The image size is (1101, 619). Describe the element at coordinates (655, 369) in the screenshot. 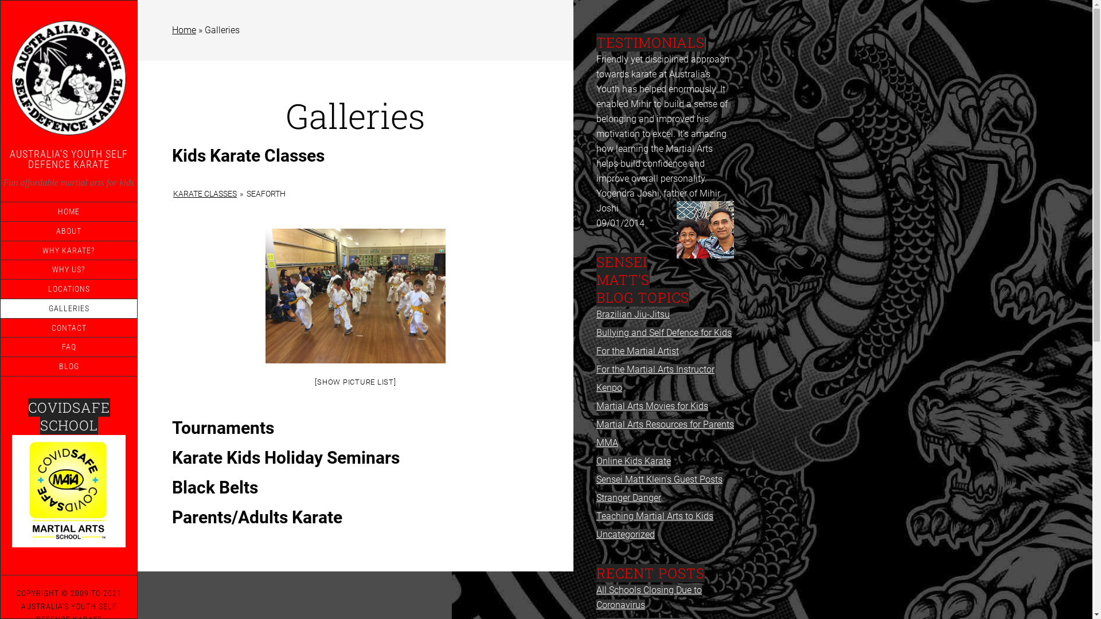

I see `'For the Martial Arts Instructor'` at that location.